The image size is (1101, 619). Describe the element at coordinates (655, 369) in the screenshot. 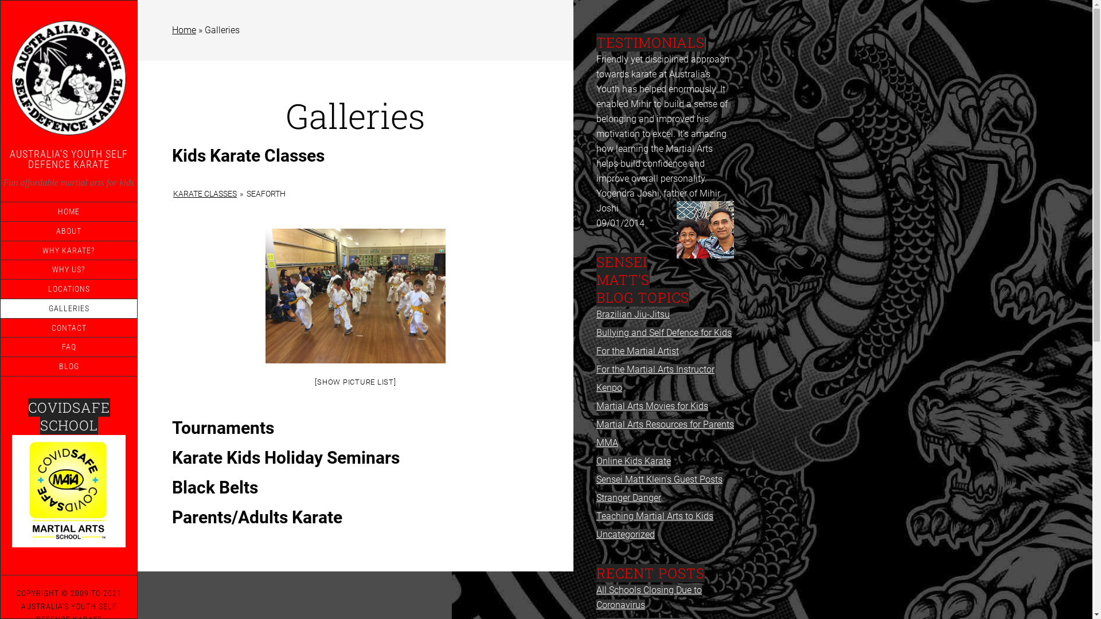

I see `'For the Martial Arts Instructor'` at that location.